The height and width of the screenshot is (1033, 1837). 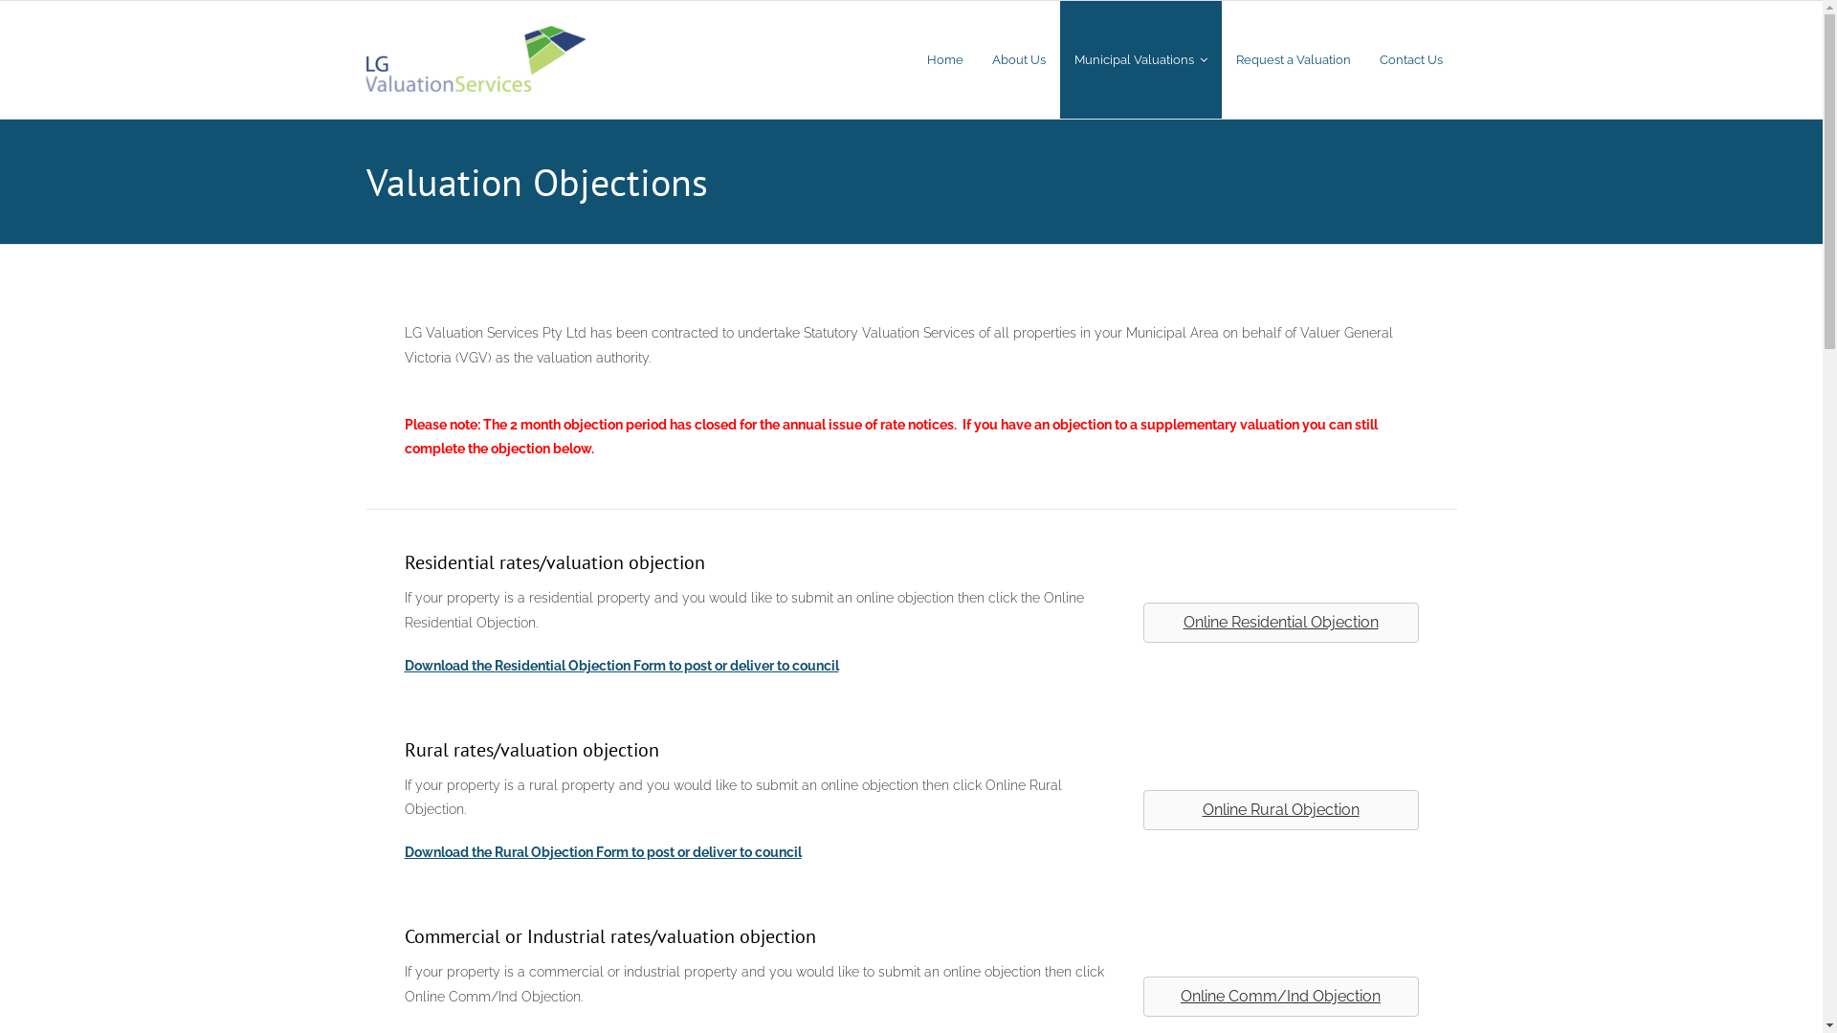 I want to click on 'Online Residential Objection', so click(x=1280, y=623).